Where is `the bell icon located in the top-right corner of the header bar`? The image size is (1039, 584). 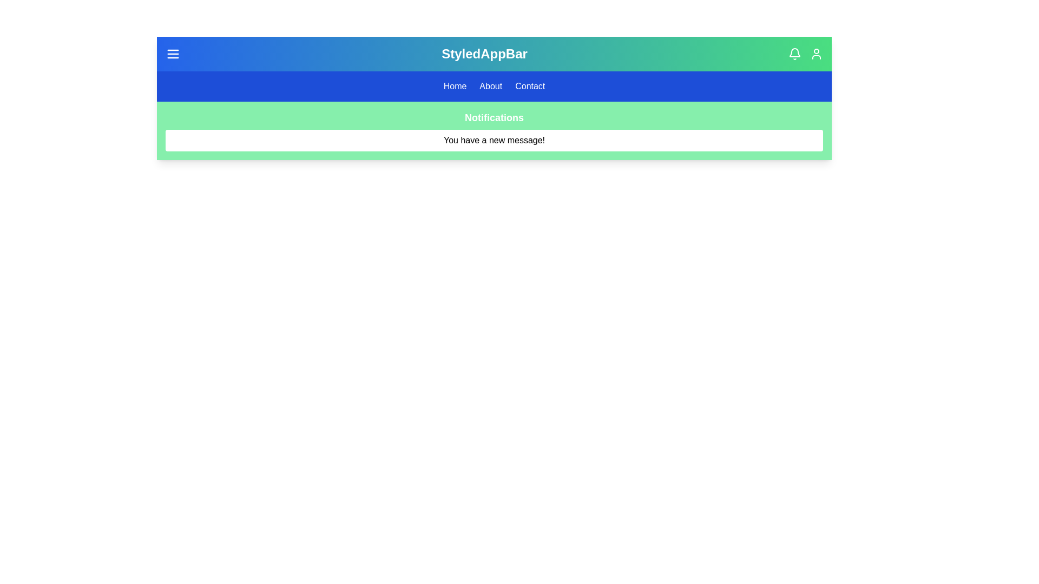 the bell icon located in the top-right corner of the header bar is located at coordinates (794, 52).